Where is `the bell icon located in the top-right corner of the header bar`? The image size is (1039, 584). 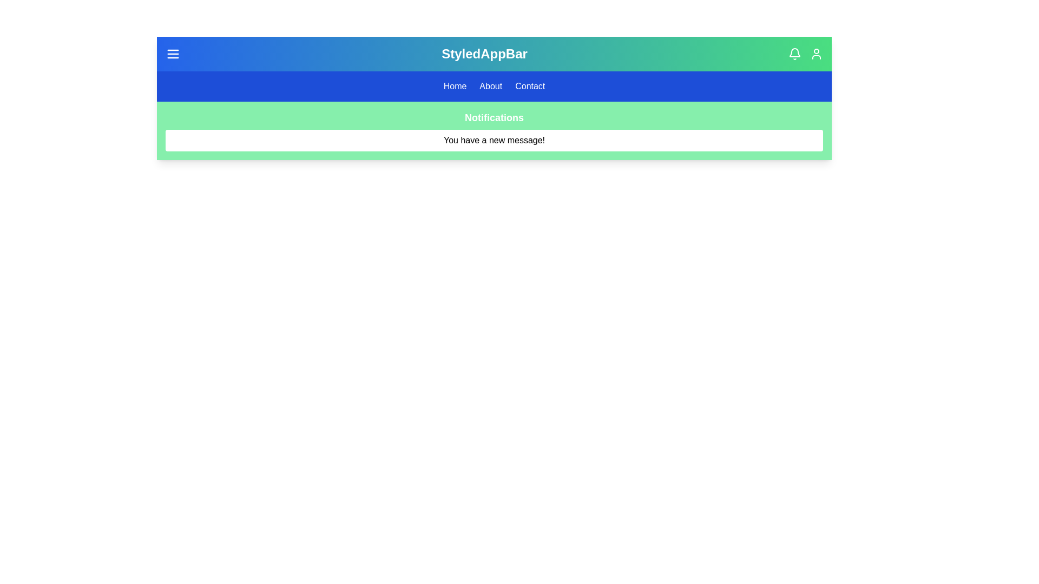 the bell icon located in the top-right corner of the header bar is located at coordinates (794, 52).